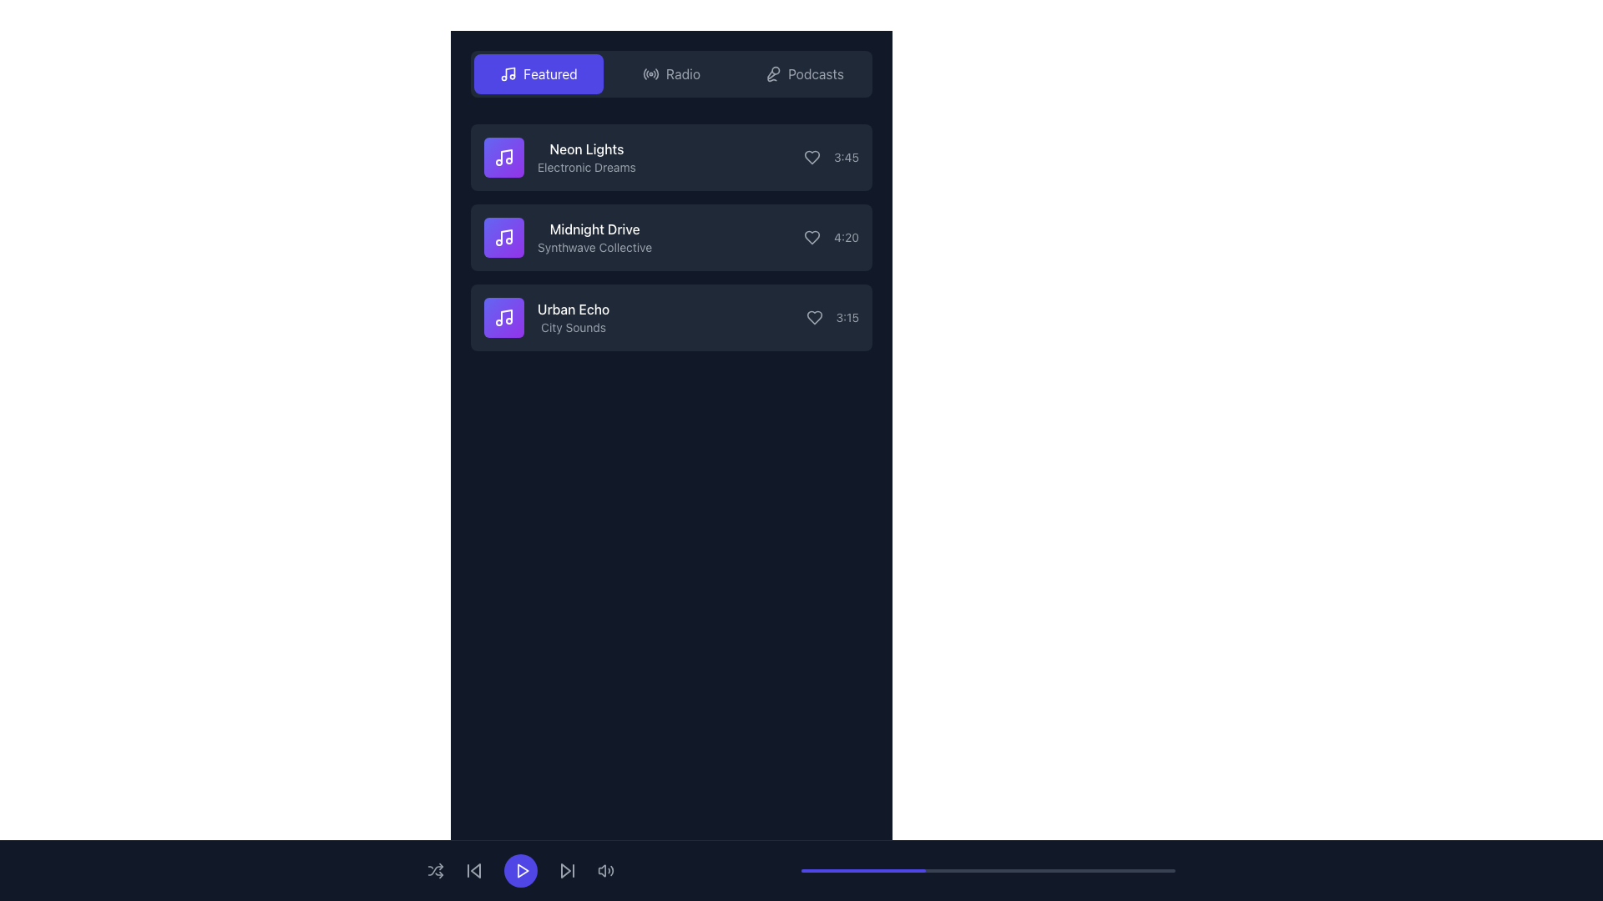 Image resolution: width=1603 pixels, height=901 pixels. I want to click on the third list item entry representing a music track, so click(546, 318).